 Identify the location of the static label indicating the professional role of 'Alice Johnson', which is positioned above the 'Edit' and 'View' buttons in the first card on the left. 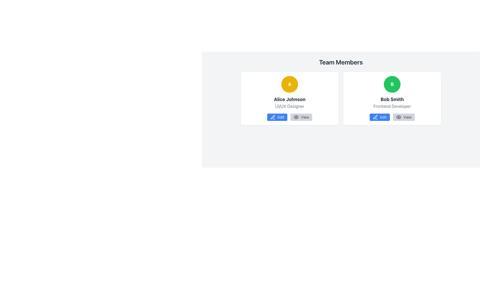
(289, 106).